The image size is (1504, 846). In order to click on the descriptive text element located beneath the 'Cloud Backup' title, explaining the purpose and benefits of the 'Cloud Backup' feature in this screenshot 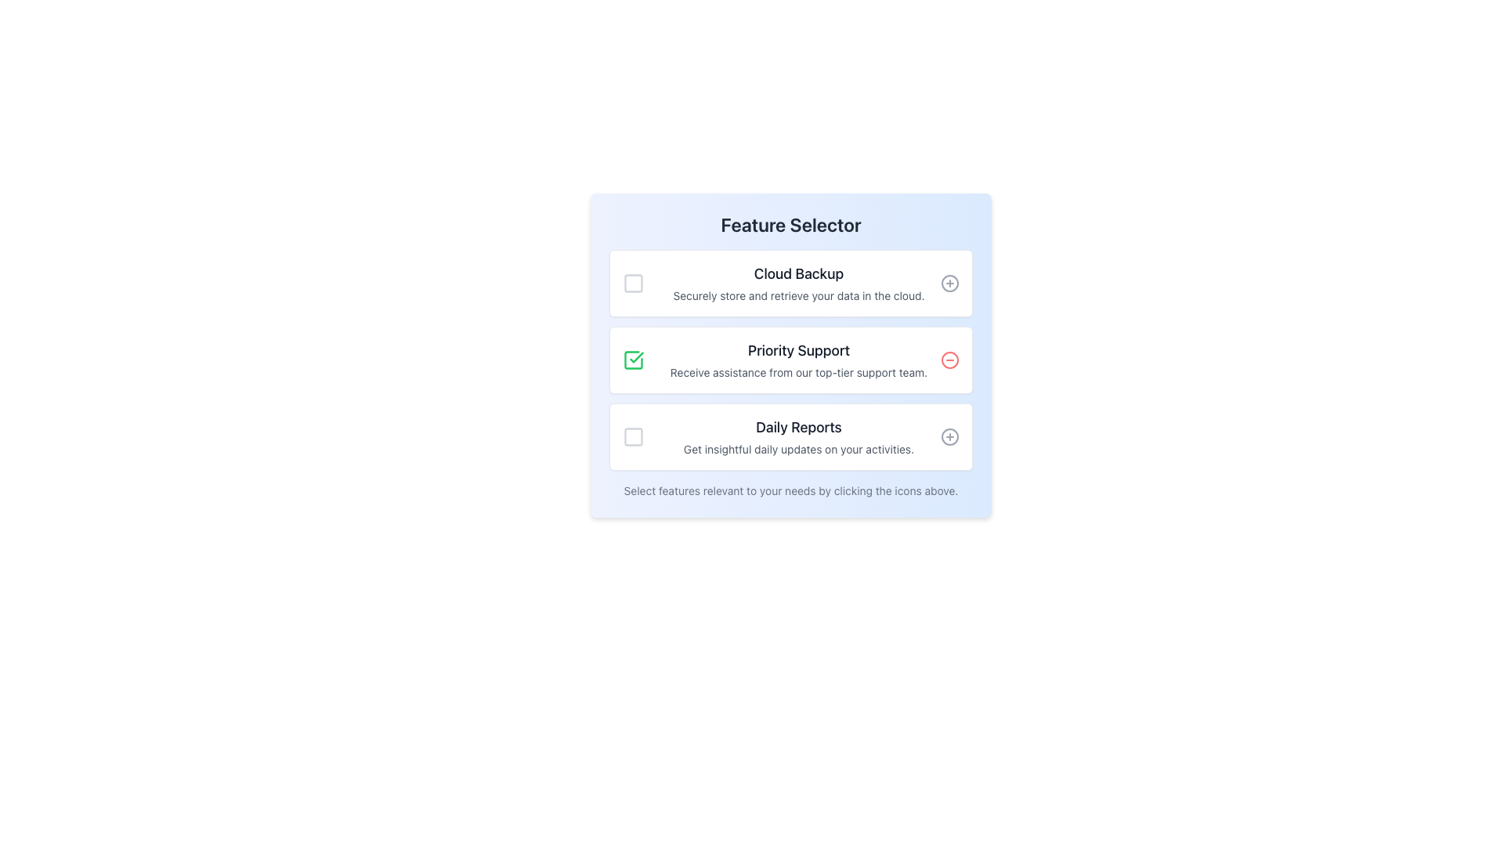, I will do `click(798, 296)`.